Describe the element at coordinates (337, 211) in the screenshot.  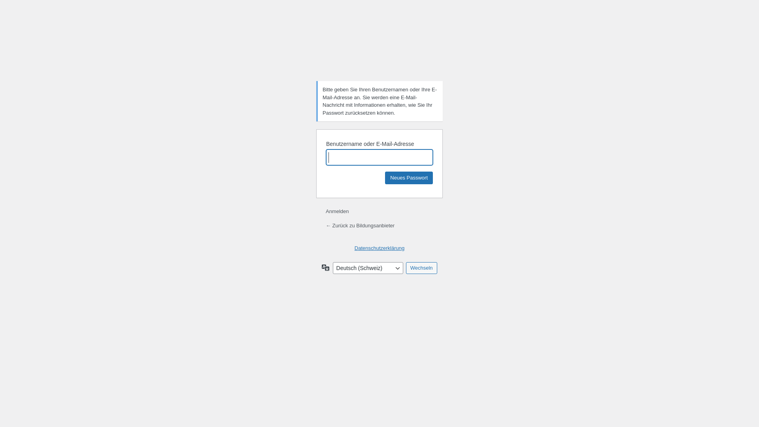
I see `'Anmelden'` at that location.